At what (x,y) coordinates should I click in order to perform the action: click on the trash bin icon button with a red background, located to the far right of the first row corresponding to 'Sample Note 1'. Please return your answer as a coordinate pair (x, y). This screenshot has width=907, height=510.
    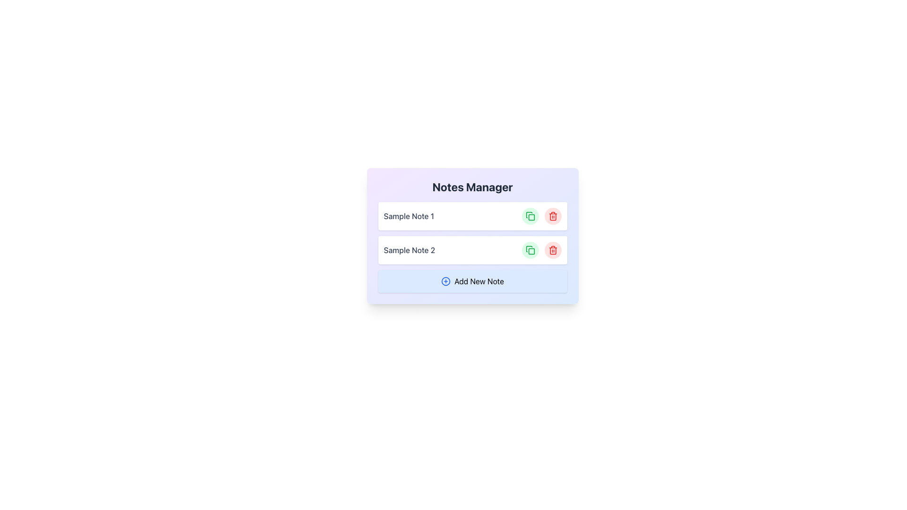
    Looking at the image, I should click on (553, 216).